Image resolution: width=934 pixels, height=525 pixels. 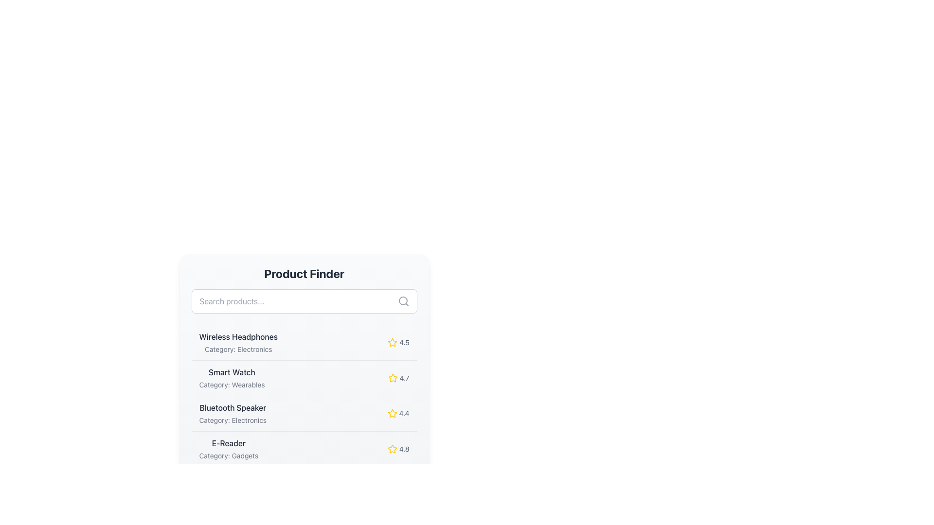 I want to click on the fourth yellow star icon in the rating system for the product 'E-Reader', so click(x=392, y=449).